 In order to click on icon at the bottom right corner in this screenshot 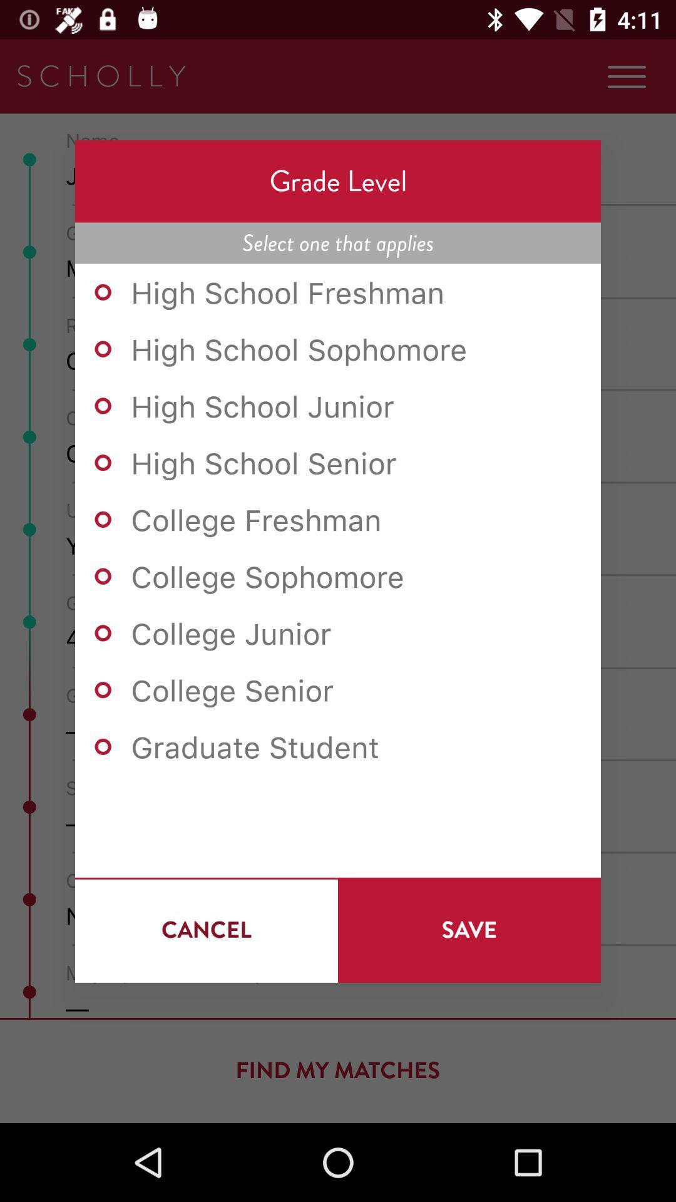, I will do `click(469, 930)`.